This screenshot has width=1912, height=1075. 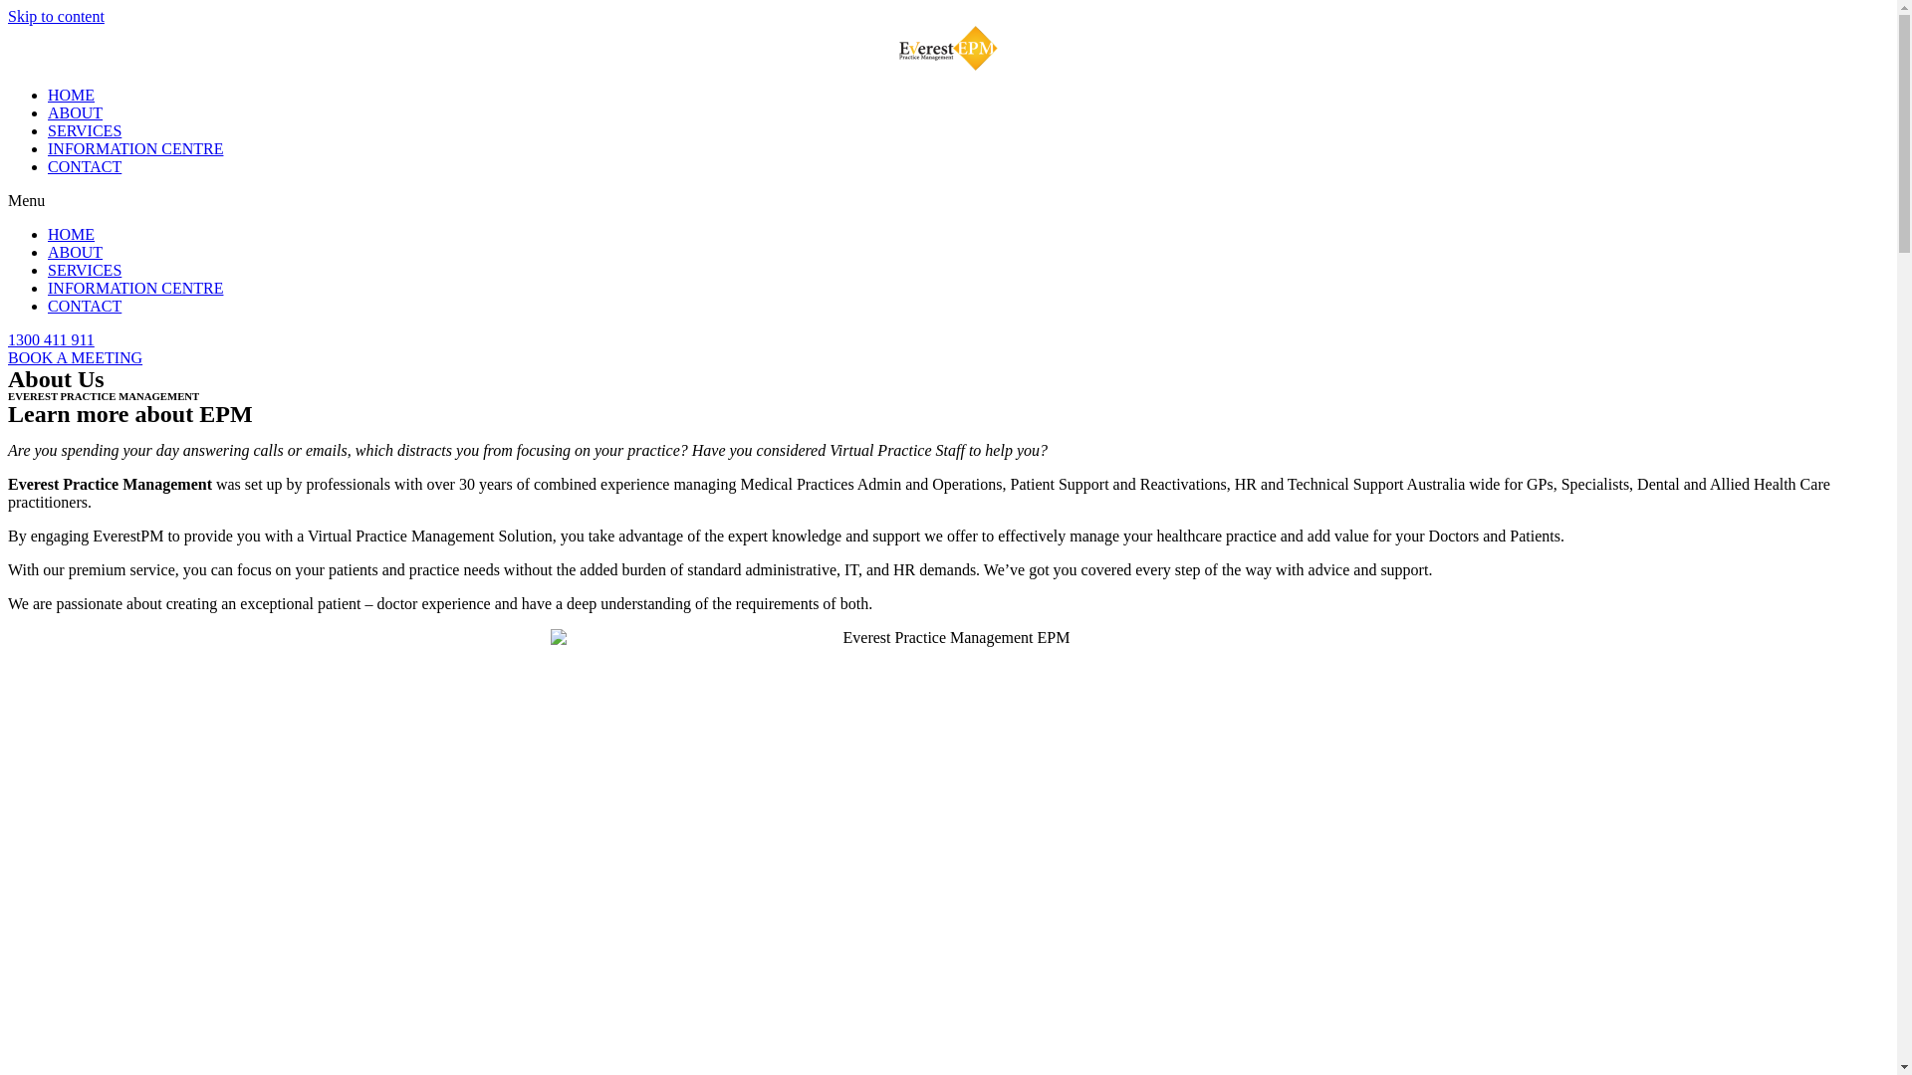 What do you see at coordinates (56, 16) in the screenshot?
I see `'Skip to content'` at bounding box center [56, 16].